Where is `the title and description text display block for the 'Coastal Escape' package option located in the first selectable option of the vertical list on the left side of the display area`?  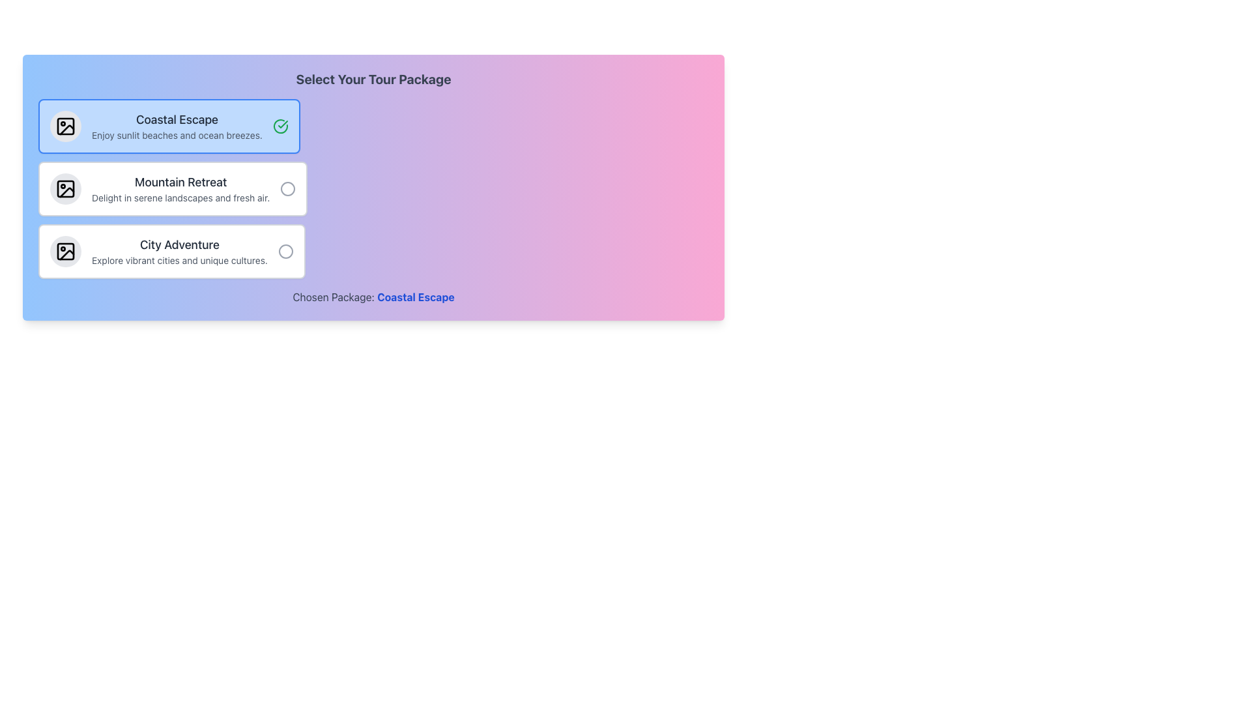 the title and description text display block for the 'Coastal Escape' package option located in the first selectable option of the vertical list on the left side of the display area is located at coordinates (176, 126).